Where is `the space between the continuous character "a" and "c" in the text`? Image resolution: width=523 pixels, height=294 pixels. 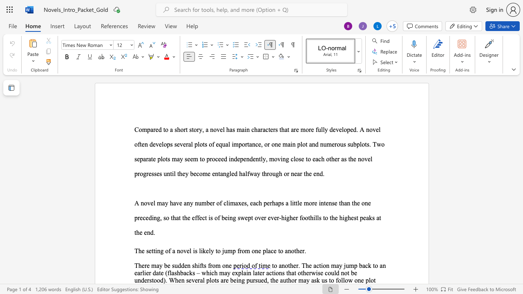 the space between the continuous character "a" and "c" in the text is located at coordinates (255, 203).